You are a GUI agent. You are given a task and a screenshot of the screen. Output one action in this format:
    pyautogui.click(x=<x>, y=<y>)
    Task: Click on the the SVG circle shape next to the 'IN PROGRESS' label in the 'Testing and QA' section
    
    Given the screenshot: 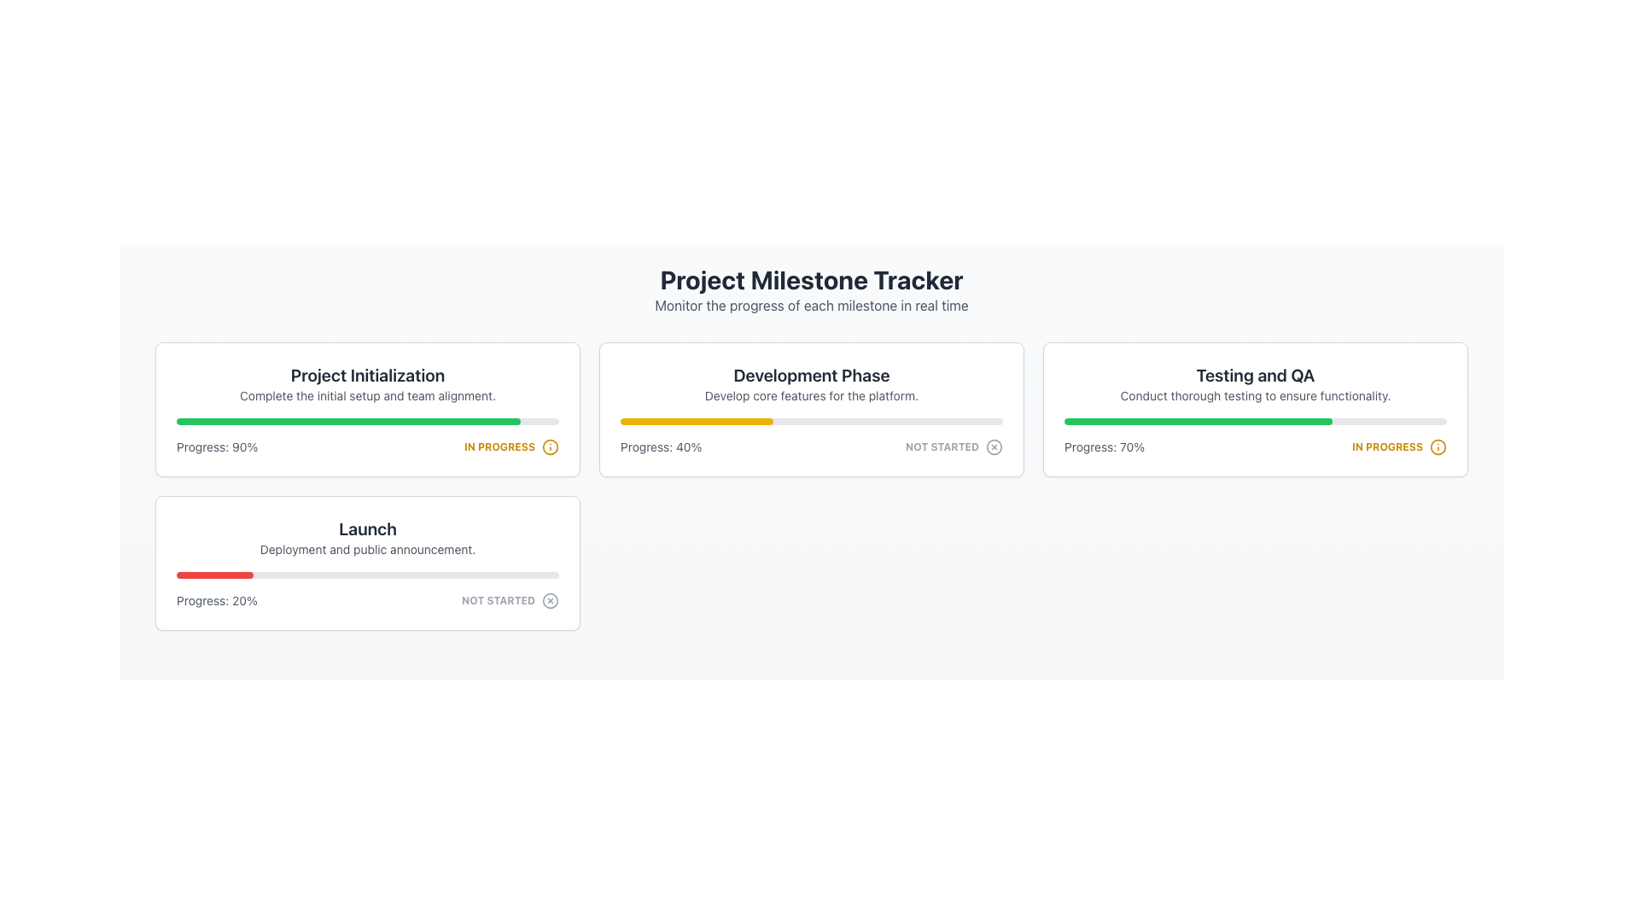 What is the action you would take?
    pyautogui.click(x=1437, y=446)
    